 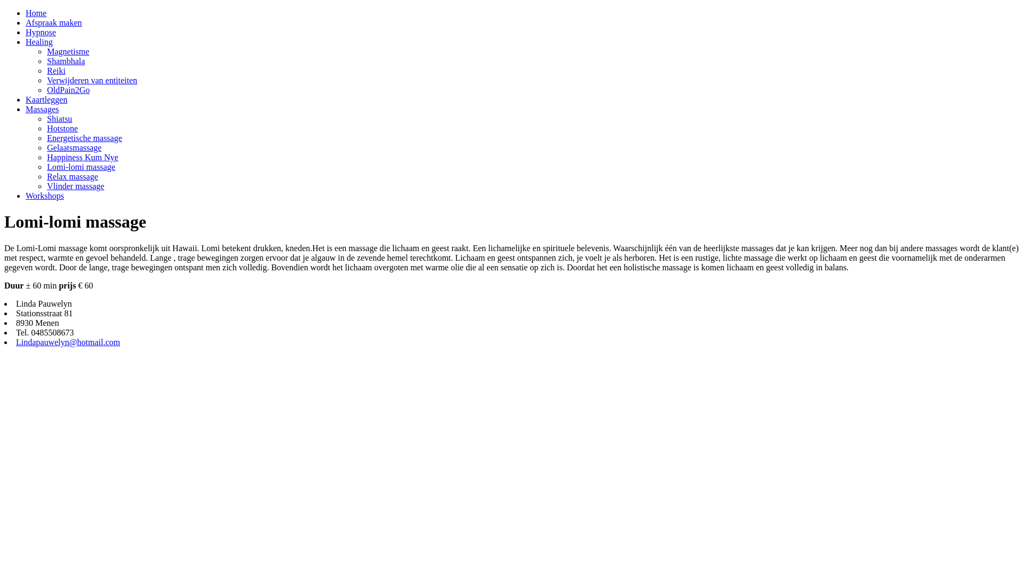 What do you see at coordinates (65, 61) in the screenshot?
I see `'Shambhala'` at bounding box center [65, 61].